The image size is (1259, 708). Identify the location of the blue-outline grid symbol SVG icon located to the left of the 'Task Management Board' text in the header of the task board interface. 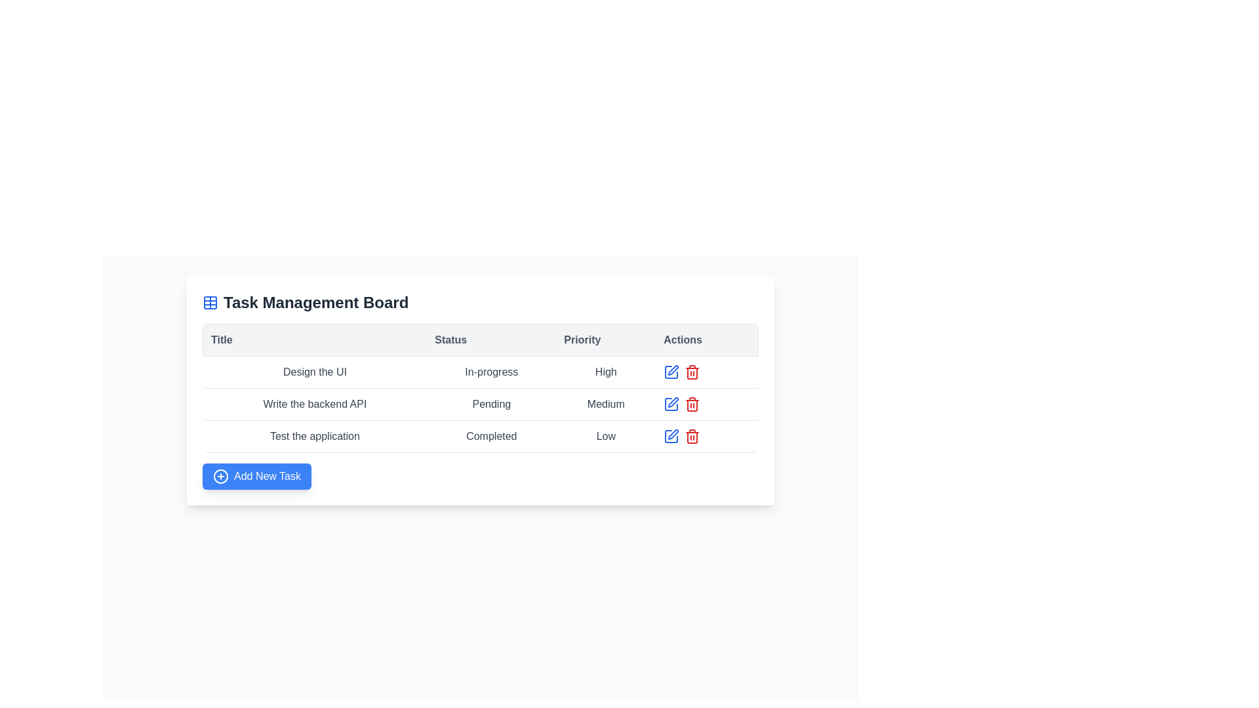
(210, 303).